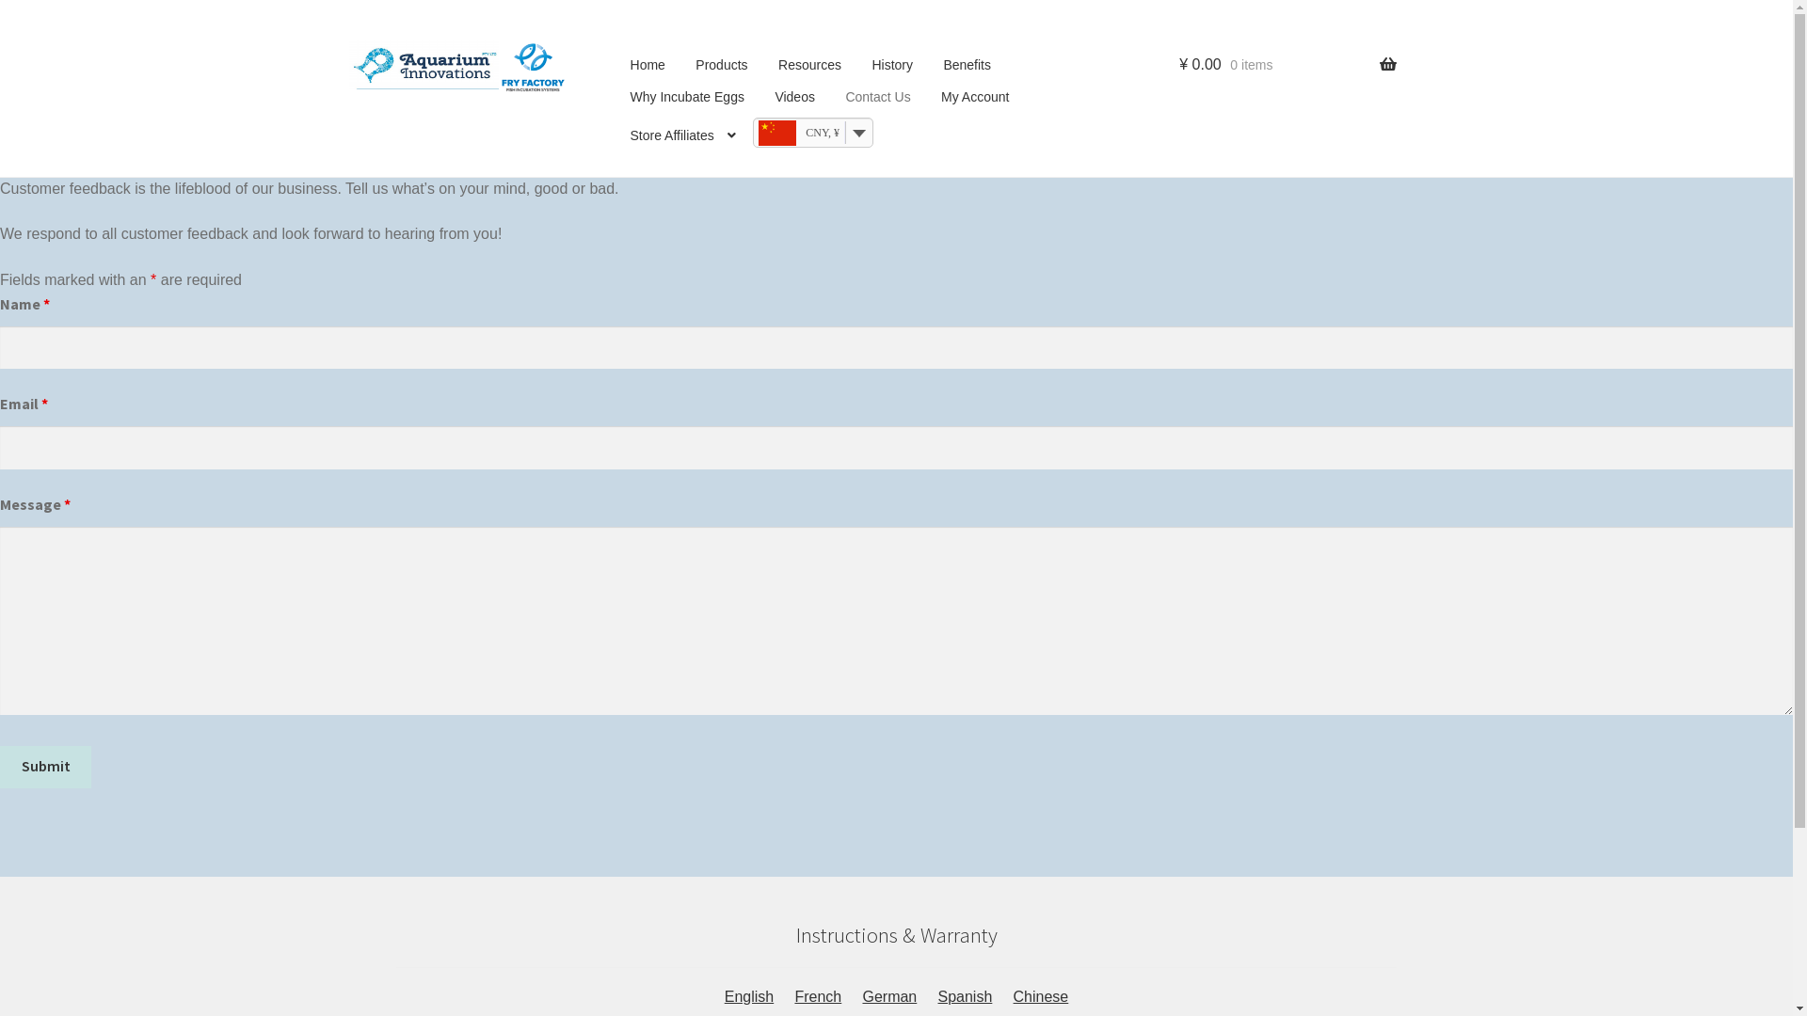 This screenshot has height=1016, width=1807. What do you see at coordinates (965, 995) in the screenshot?
I see `'Spanish'` at bounding box center [965, 995].